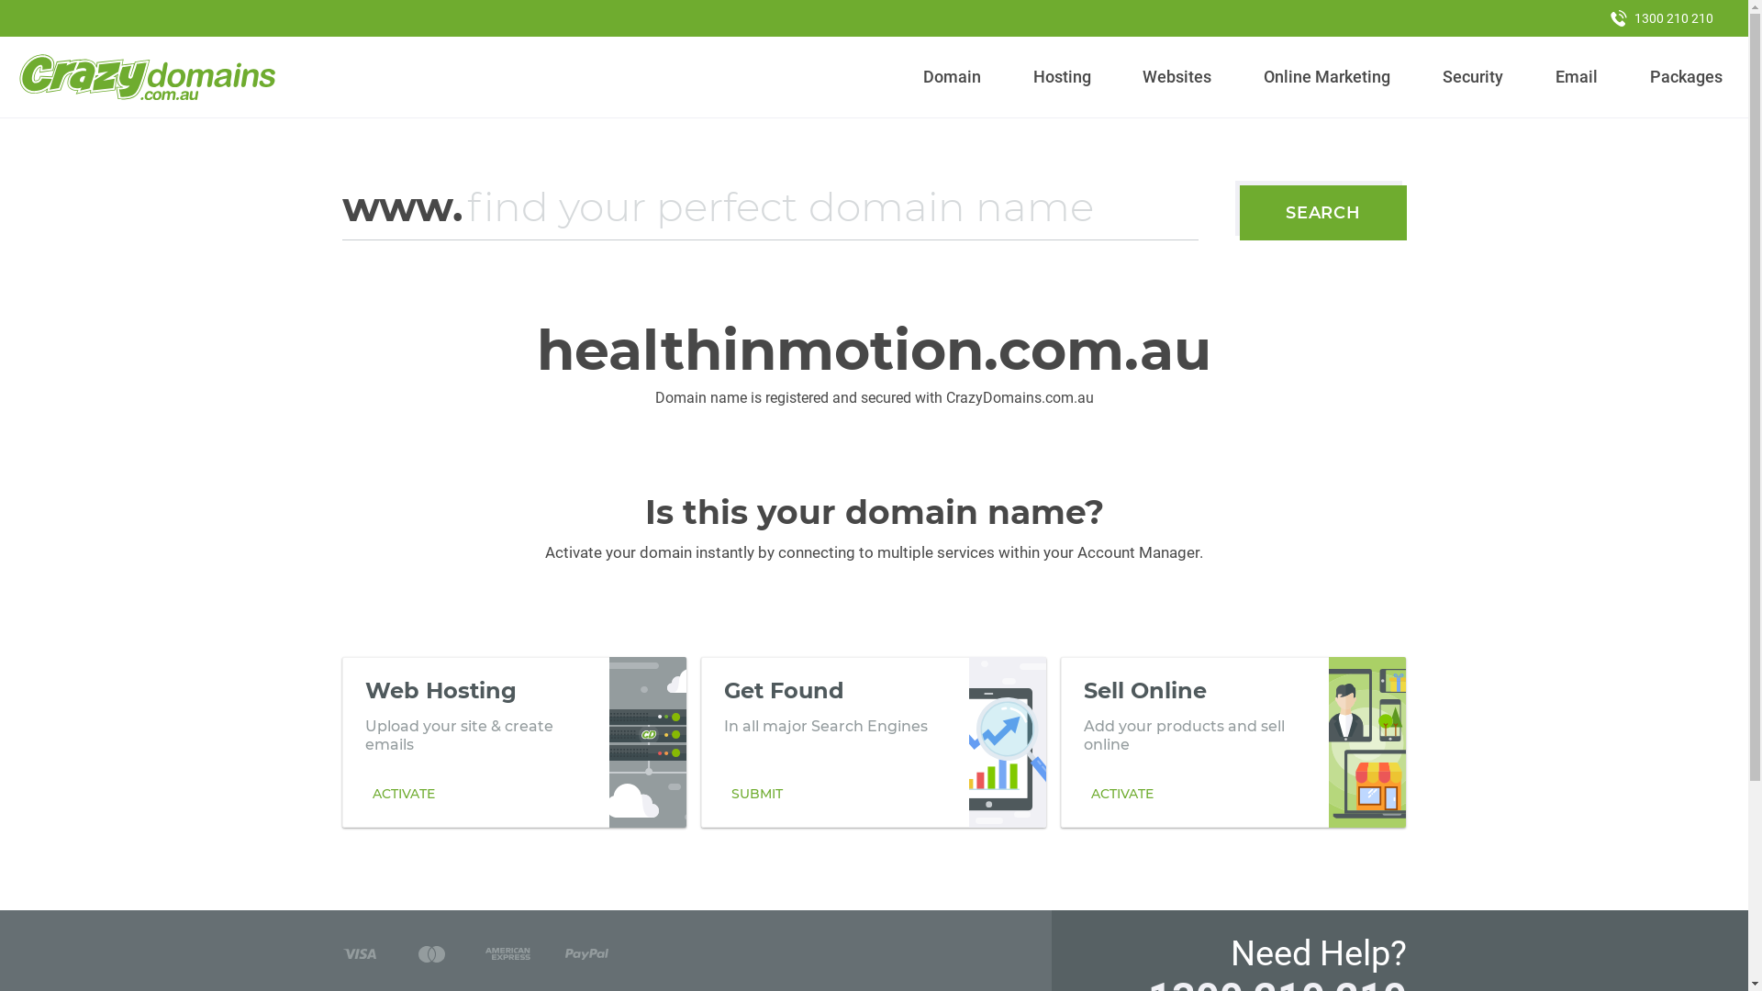  I want to click on 'Hosting', so click(1024, 76).